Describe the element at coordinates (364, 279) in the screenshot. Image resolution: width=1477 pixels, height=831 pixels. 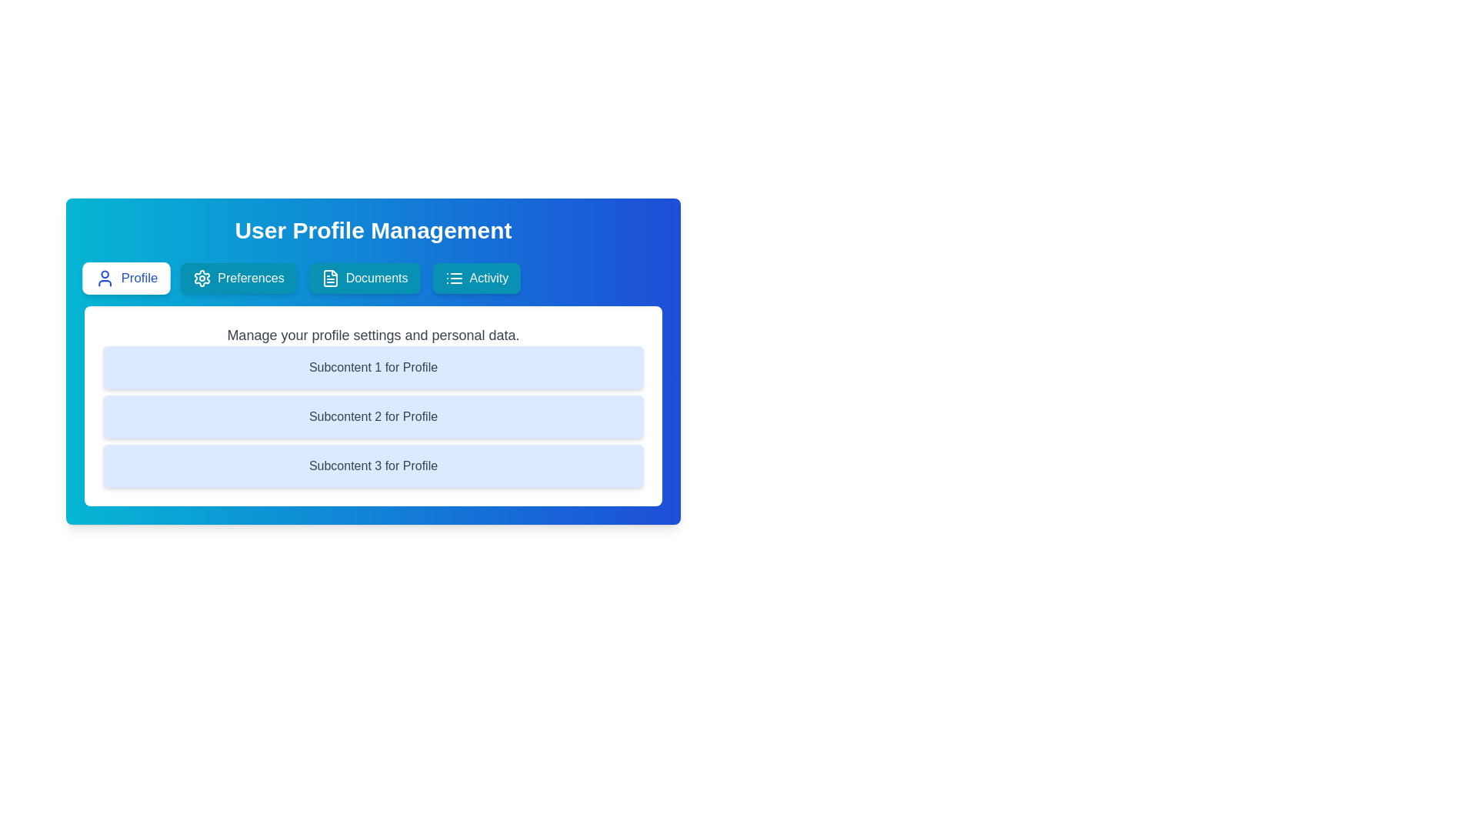
I see `the 'Documents' button with a cyan background and white text, which is the third element in the horizontal tab bar at the top of the UI` at that location.